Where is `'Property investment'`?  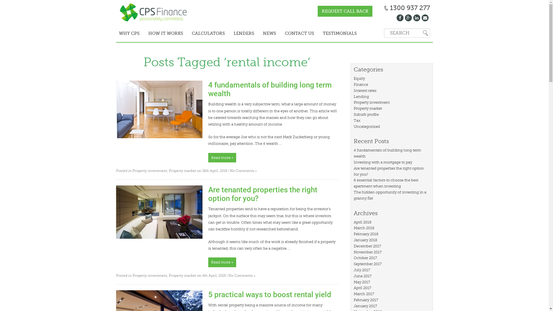
'Property investment' is located at coordinates (132, 275).